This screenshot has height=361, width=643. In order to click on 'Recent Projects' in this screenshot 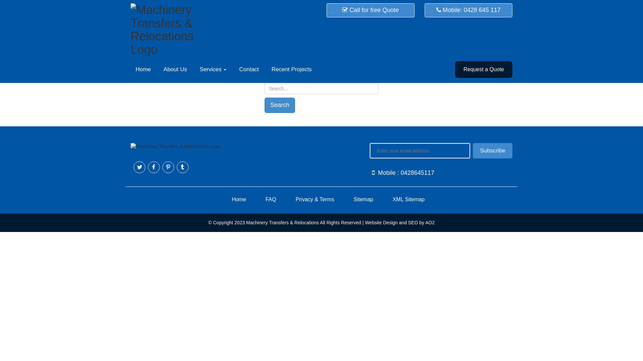, I will do `click(291, 70)`.